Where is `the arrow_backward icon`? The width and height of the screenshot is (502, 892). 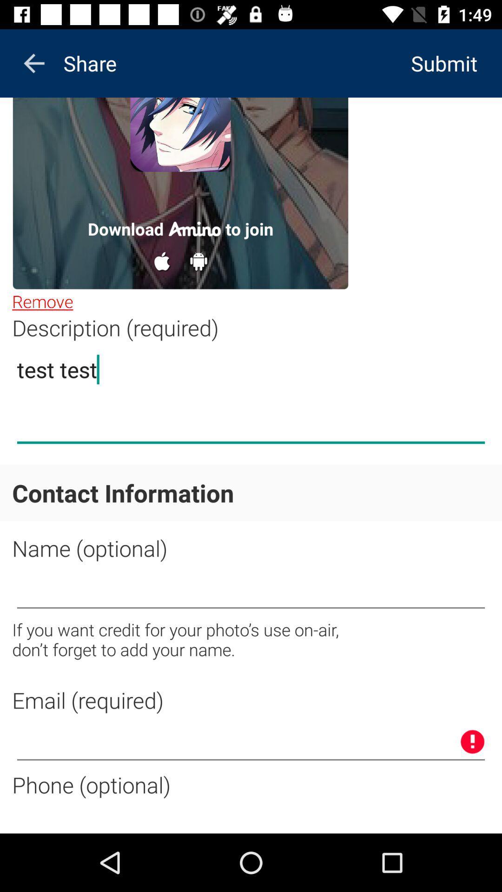 the arrow_backward icon is located at coordinates (33, 63).